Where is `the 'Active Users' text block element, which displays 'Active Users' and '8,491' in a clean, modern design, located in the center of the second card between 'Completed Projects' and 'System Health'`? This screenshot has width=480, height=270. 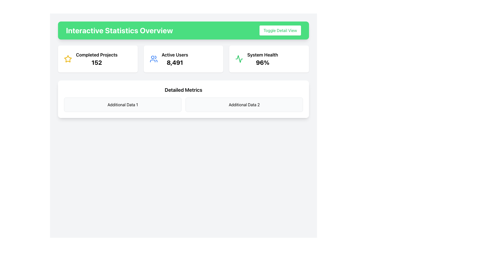 the 'Active Users' text block element, which displays 'Active Users' and '8,491' in a clean, modern design, located in the center of the second card between 'Completed Projects' and 'System Health' is located at coordinates (175, 58).